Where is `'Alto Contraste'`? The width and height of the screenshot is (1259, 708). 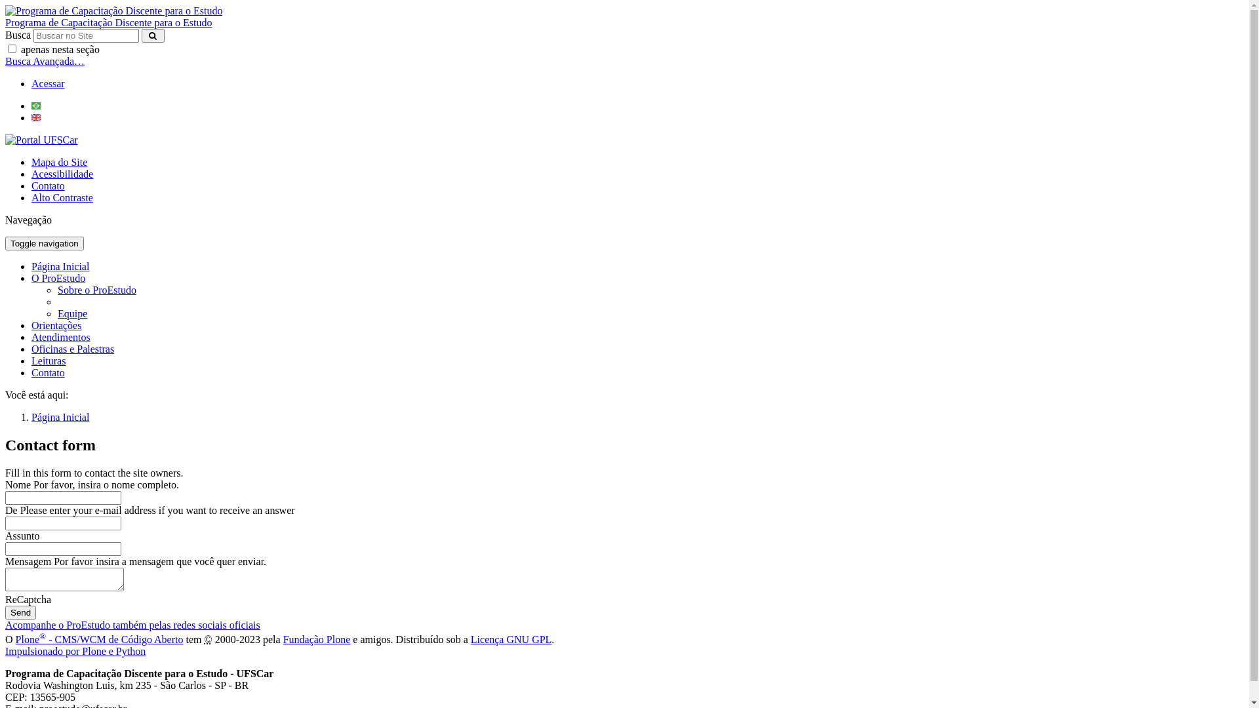
'Alto Contraste' is located at coordinates (62, 197).